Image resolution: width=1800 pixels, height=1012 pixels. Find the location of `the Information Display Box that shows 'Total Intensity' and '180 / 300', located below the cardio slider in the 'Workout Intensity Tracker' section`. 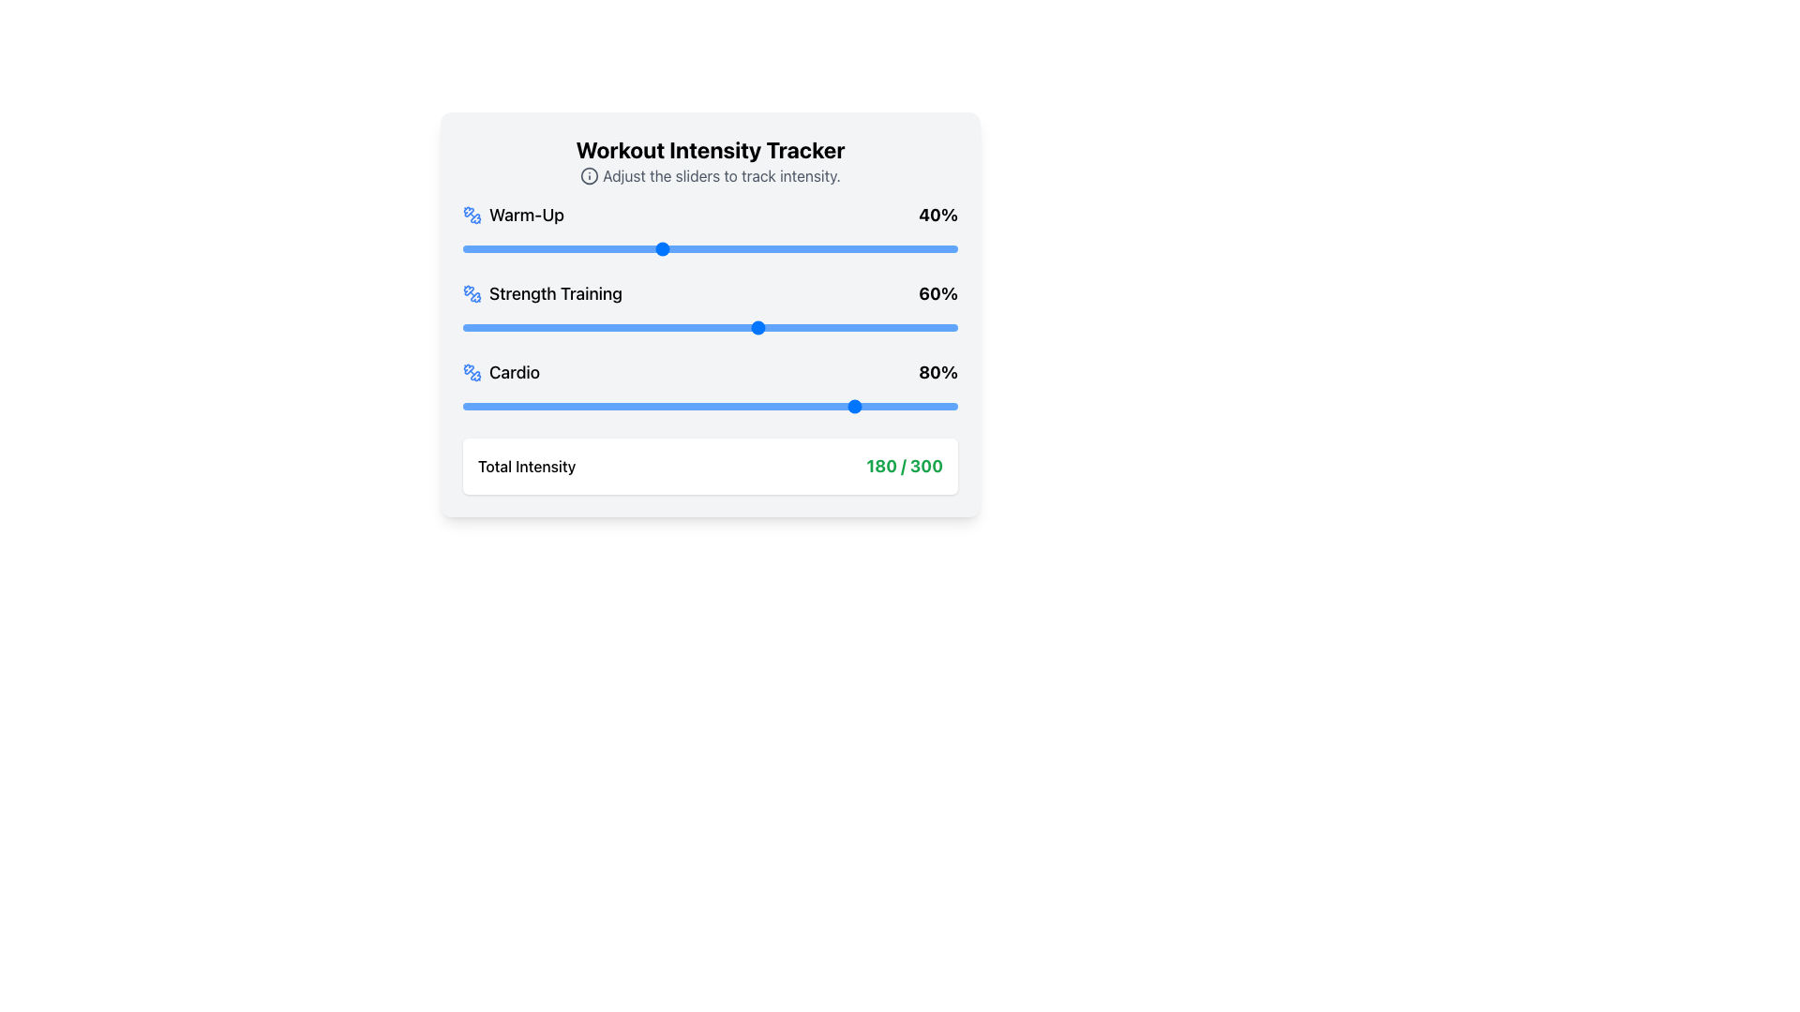

the Information Display Box that shows 'Total Intensity' and '180 / 300', located below the cardio slider in the 'Workout Intensity Tracker' section is located at coordinates (710, 465).